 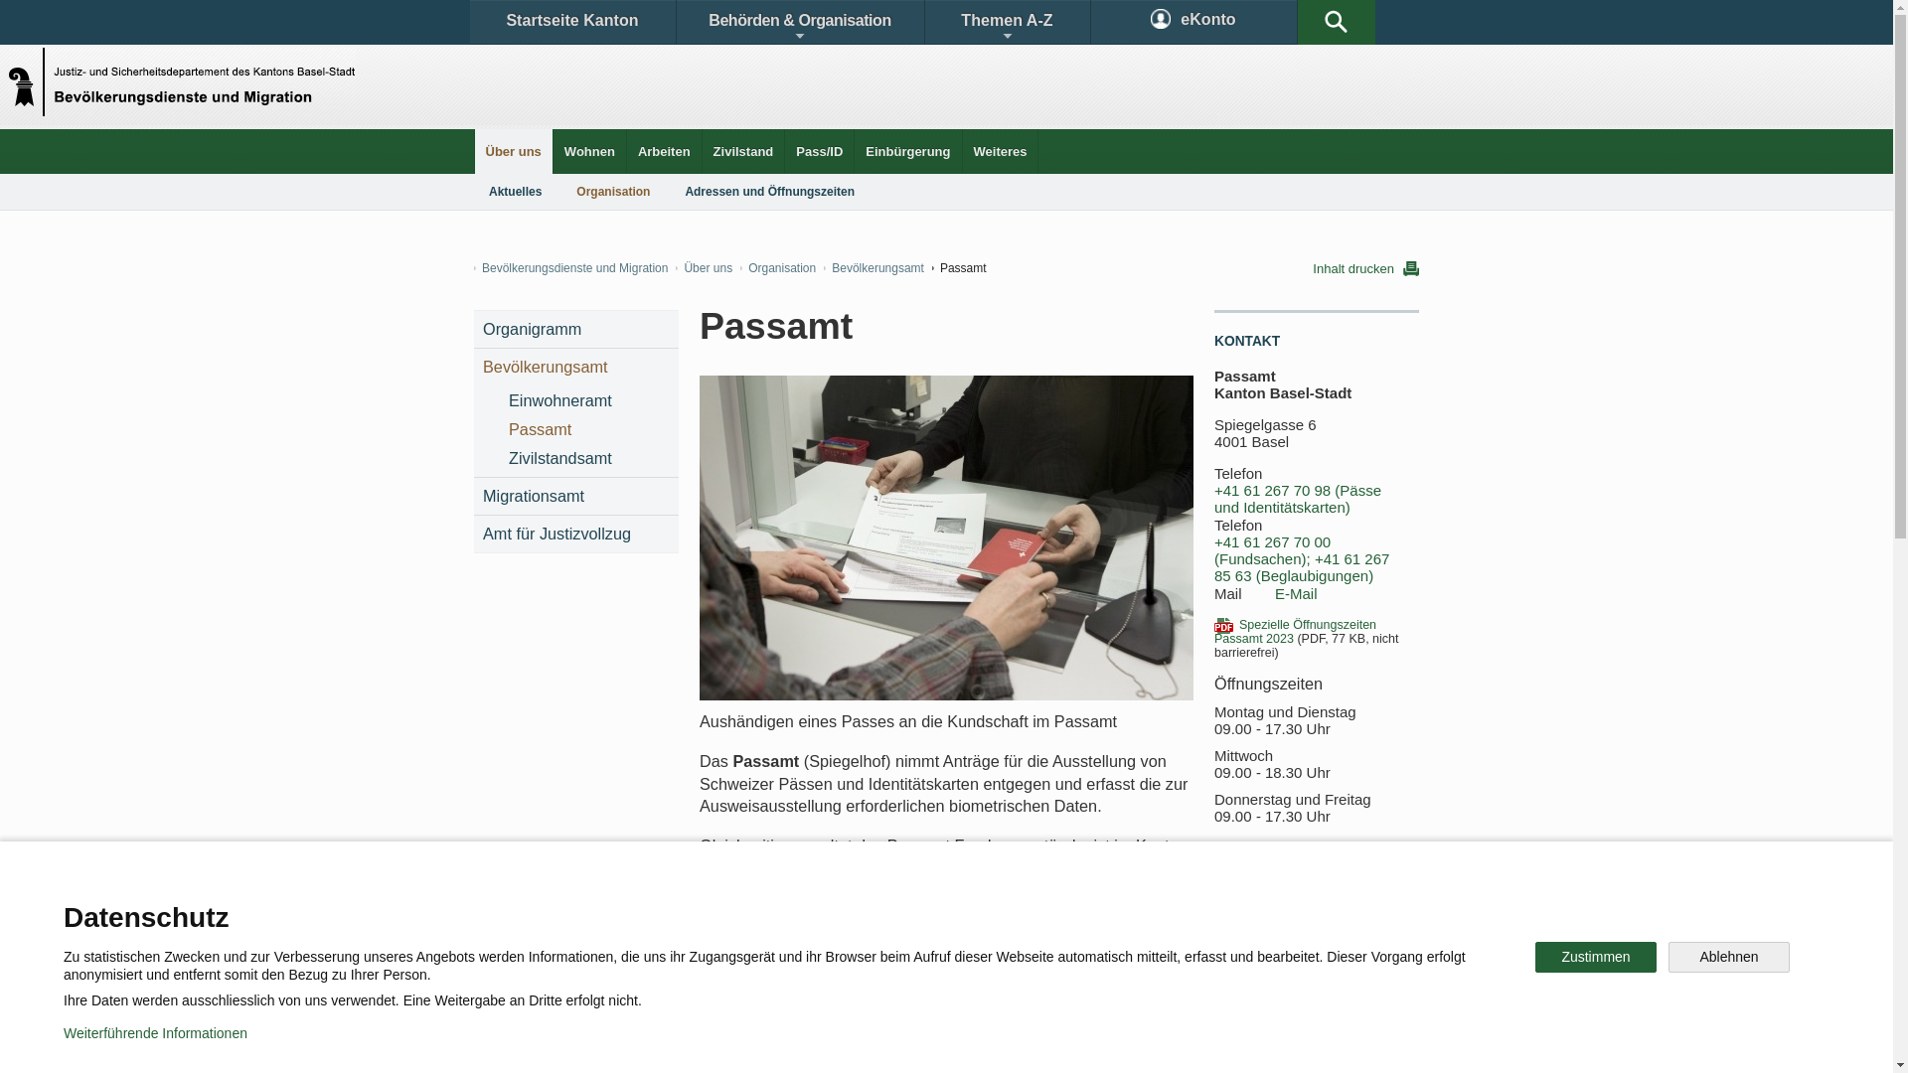 What do you see at coordinates (1192, 22) in the screenshot?
I see `'eKonto'` at bounding box center [1192, 22].